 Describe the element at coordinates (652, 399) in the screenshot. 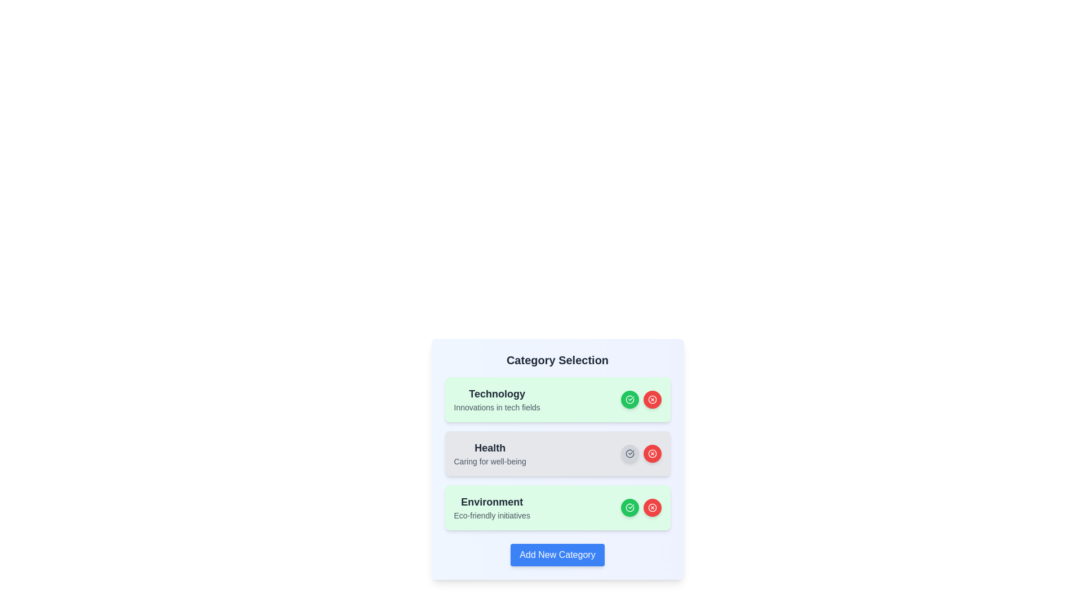

I see `remove button beside the category Technology to delete it` at that location.